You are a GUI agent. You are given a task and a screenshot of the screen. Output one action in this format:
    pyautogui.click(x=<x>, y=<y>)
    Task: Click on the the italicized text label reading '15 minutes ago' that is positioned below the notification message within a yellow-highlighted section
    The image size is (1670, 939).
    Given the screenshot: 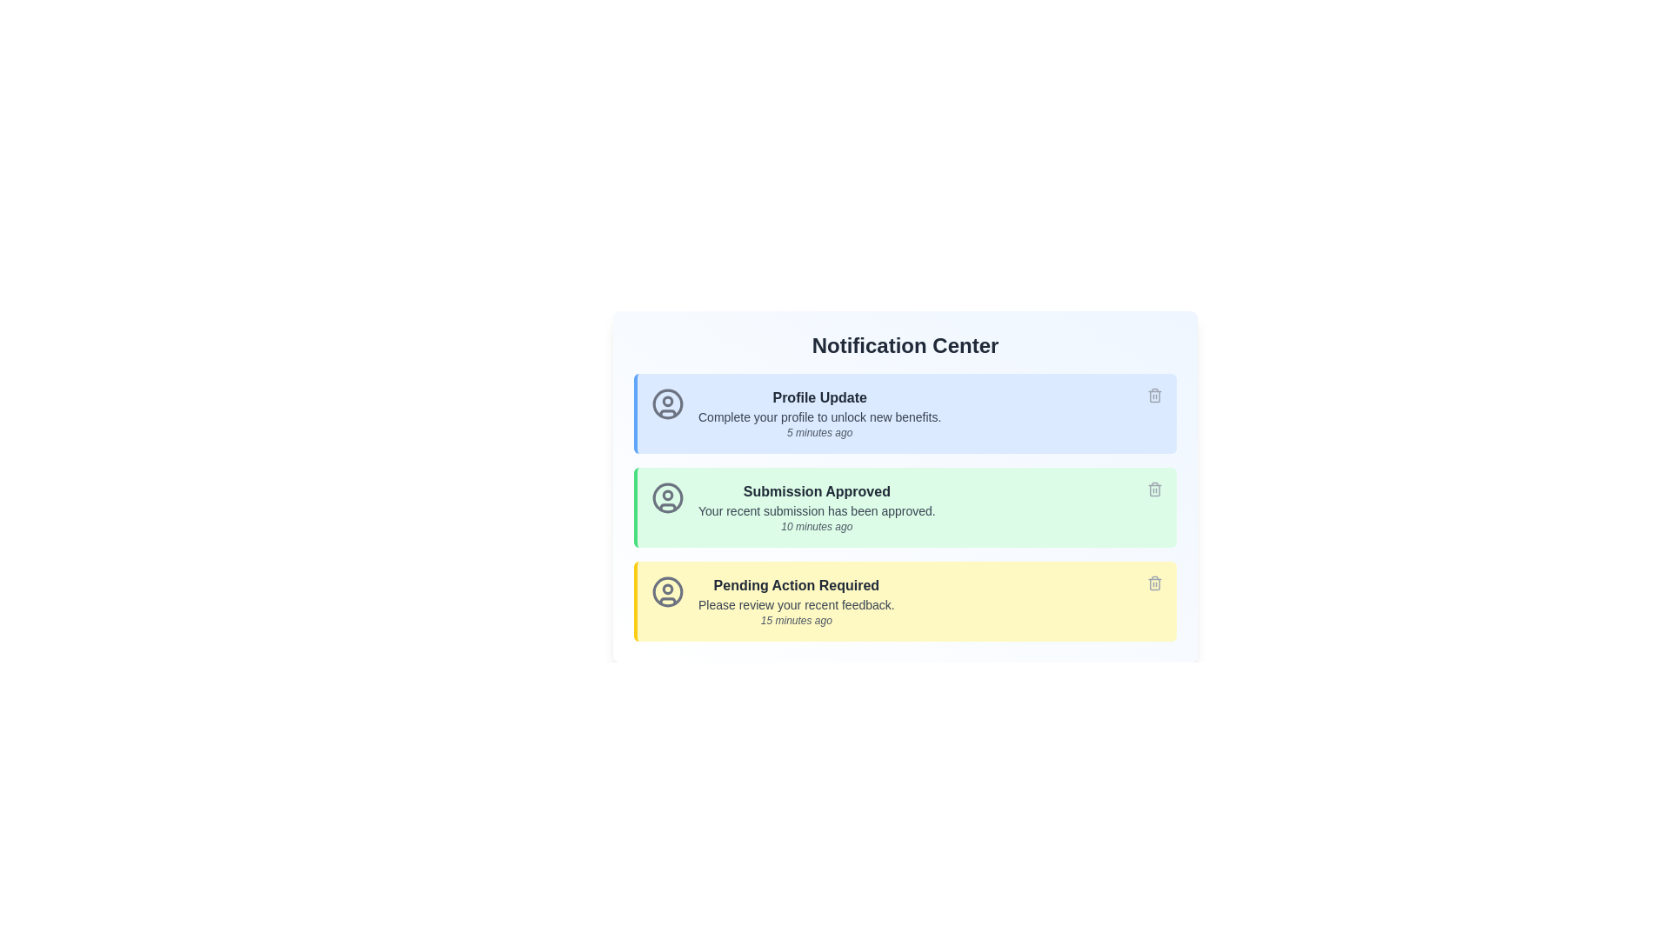 What is the action you would take?
    pyautogui.click(x=795, y=619)
    